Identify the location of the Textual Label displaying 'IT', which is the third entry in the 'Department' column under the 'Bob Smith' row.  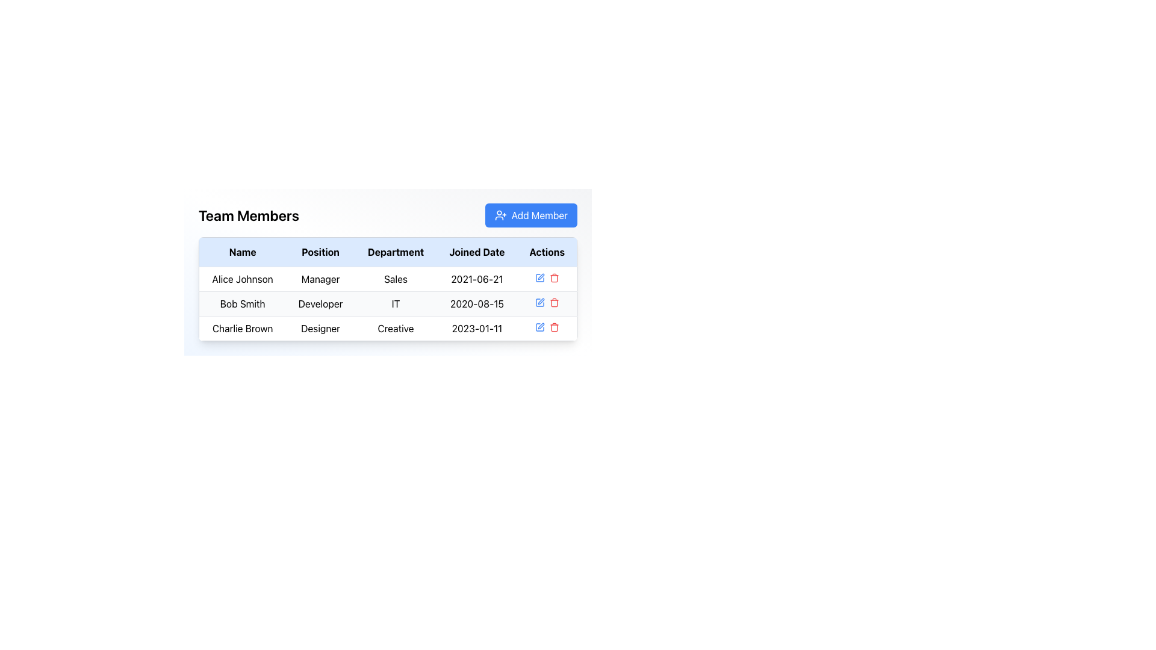
(396, 303).